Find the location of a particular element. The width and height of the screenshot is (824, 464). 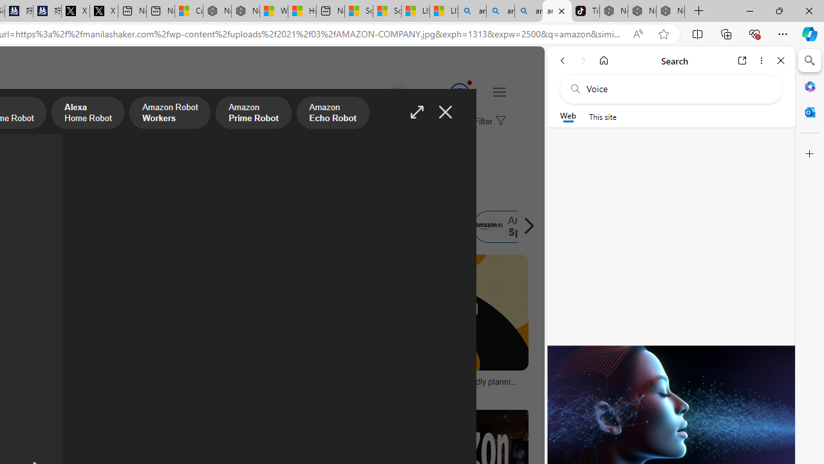

'Class: medal-circled' is located at coordinates (459, 92).